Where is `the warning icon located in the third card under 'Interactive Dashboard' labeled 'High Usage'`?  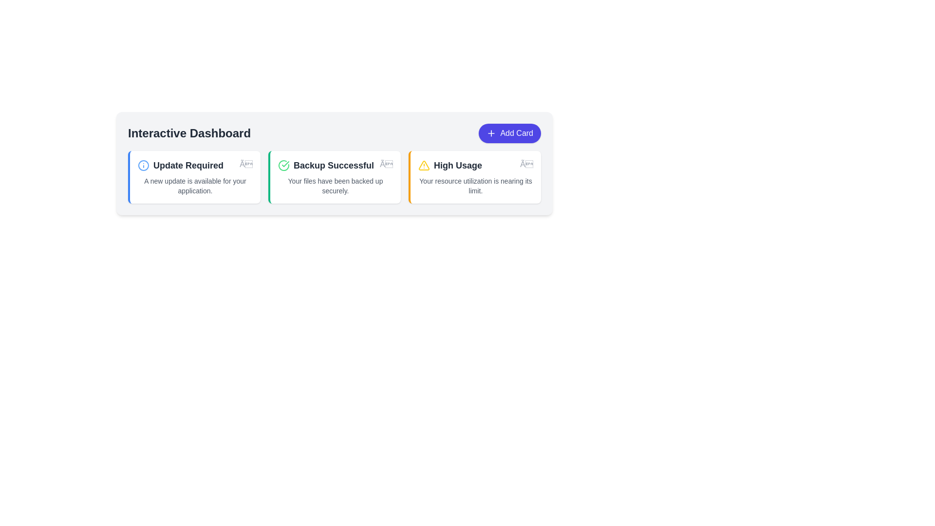
the warning icon located in the third card under 'Interactive Dashboard' labeled 'High Usage' is located at coordinates (424, 165).